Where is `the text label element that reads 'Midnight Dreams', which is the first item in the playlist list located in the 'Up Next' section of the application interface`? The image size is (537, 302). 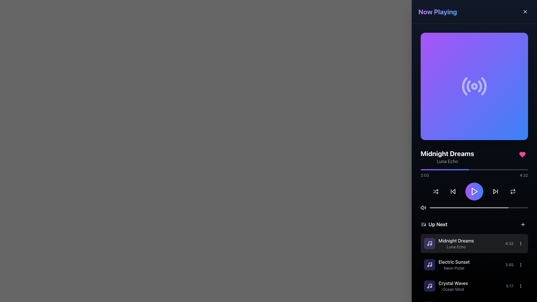
the text label element that reads 'Midnight Dreams', which is the first item in the playlist list located in the 'Up Next' section of the application interface is located at coordinates (456, 240).